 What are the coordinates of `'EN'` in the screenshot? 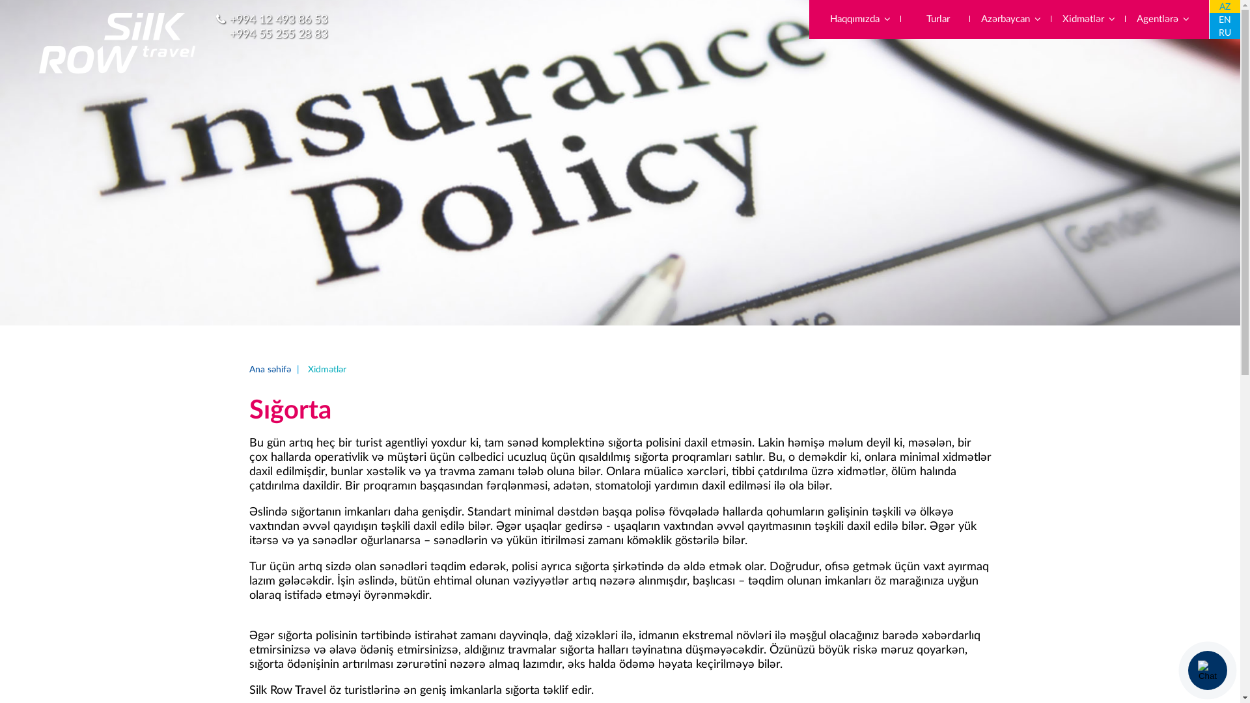 It's located at (1224, 20).